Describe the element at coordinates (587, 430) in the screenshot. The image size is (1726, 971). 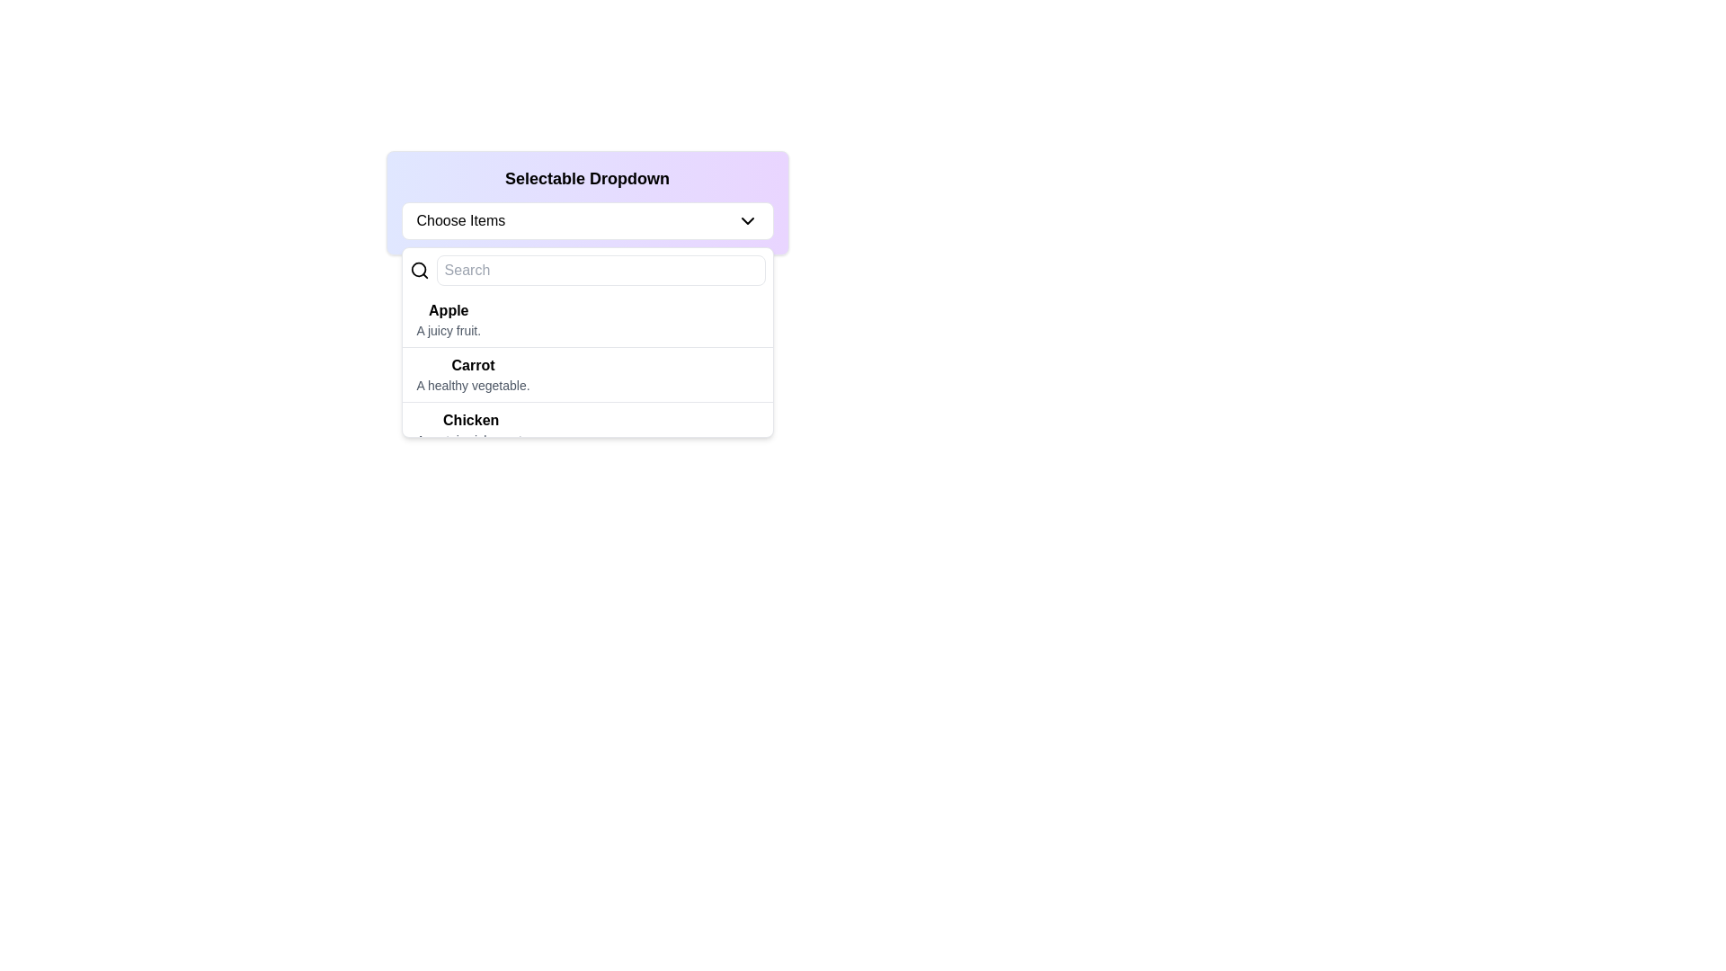
I see `the third item in the dropdown menu, which represents 'Chicken'` at that location.